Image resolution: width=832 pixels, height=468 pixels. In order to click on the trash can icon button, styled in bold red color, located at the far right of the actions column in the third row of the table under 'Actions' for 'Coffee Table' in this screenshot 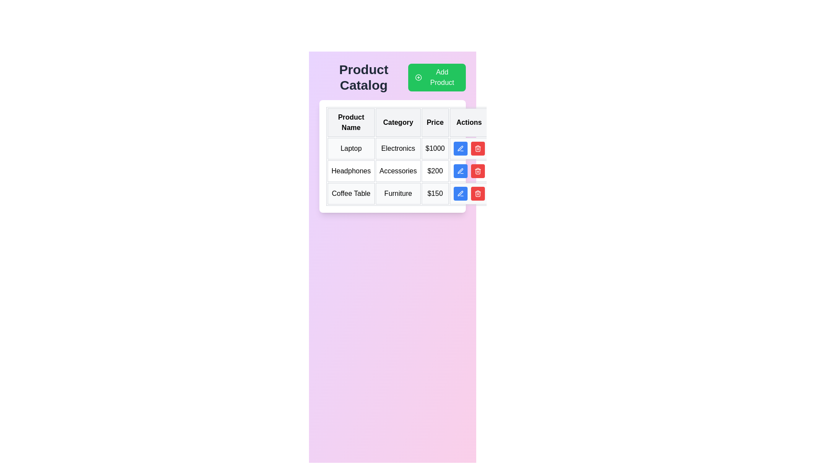, I will do `click(477, 171)`.